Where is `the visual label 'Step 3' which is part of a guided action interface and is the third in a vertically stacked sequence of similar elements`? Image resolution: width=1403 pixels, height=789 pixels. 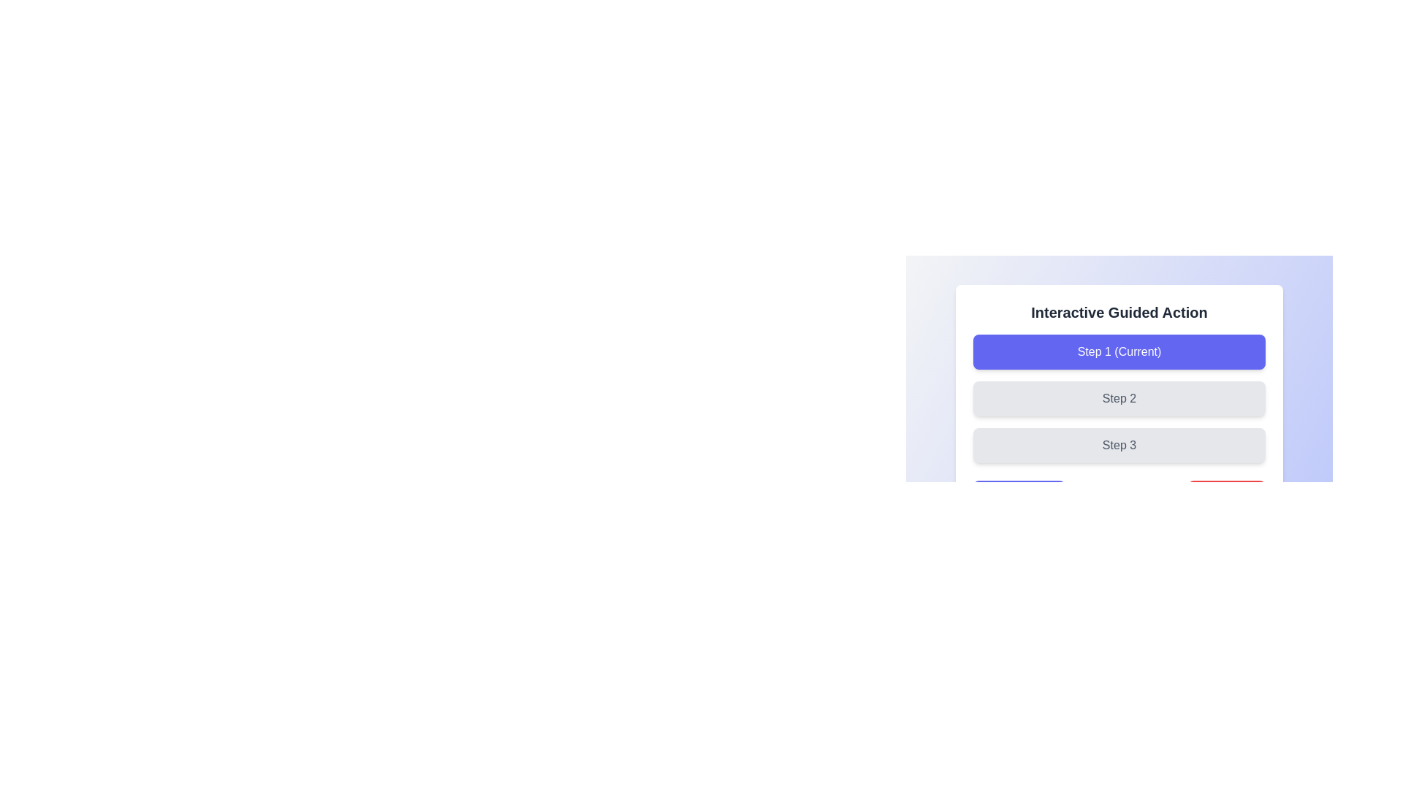 the visual label 'Step 3' which is part of a guided action interface and is the third in a vertically stacked sequence of similar elements is located at coordinates (1118, 444).